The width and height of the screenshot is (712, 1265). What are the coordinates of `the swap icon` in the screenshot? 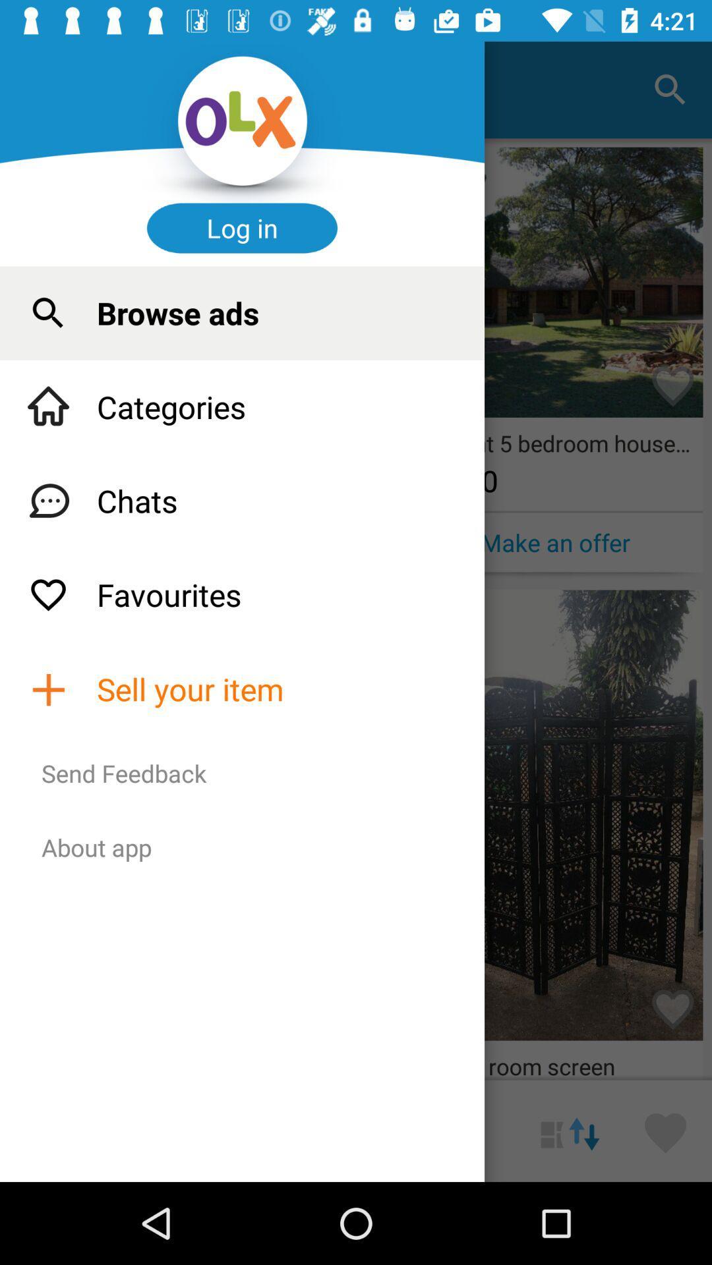 It's located at (569, 1130).